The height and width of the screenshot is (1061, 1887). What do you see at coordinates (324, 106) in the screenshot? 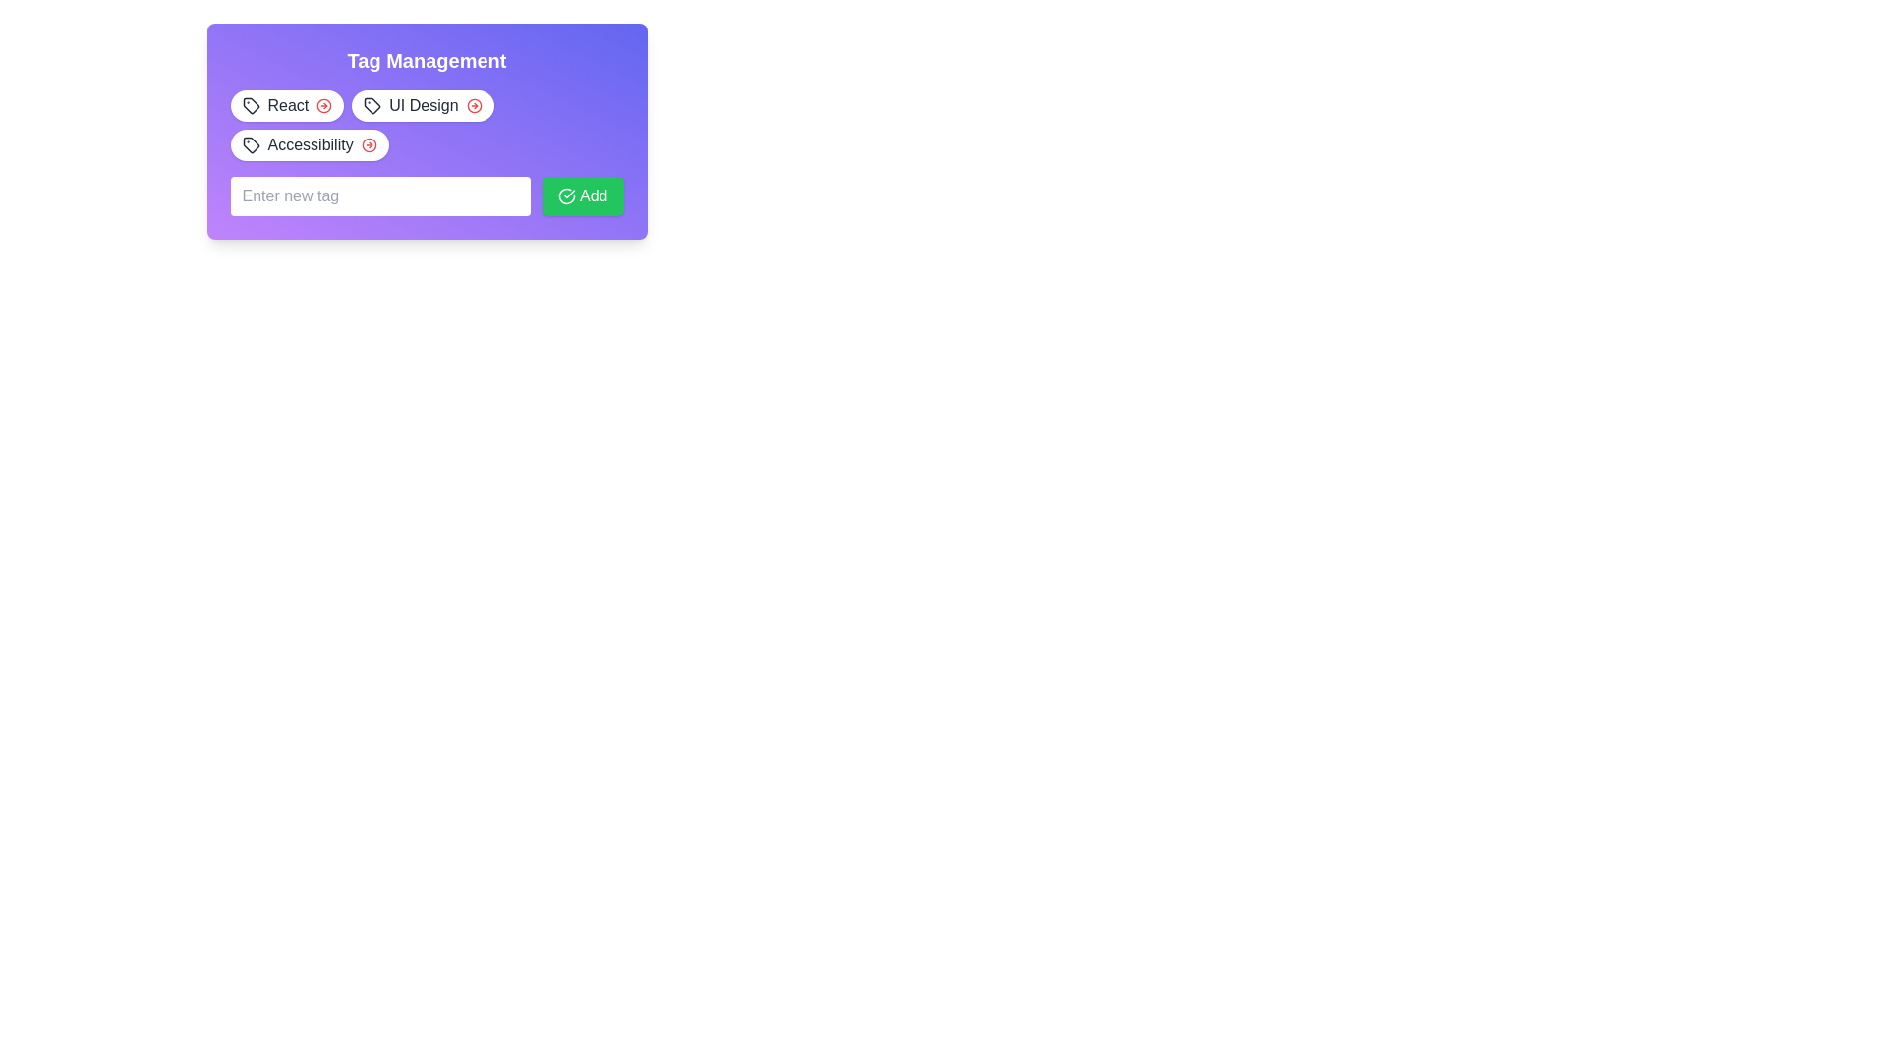
I see `the circular outline decoration element within the SVG graphic that visually enhances the 'React' tag, located slightly above and to the right of the midpoint of the purple card containing tags and a text input field labeled 'Tag Management'` at bounding box center [324, 106].